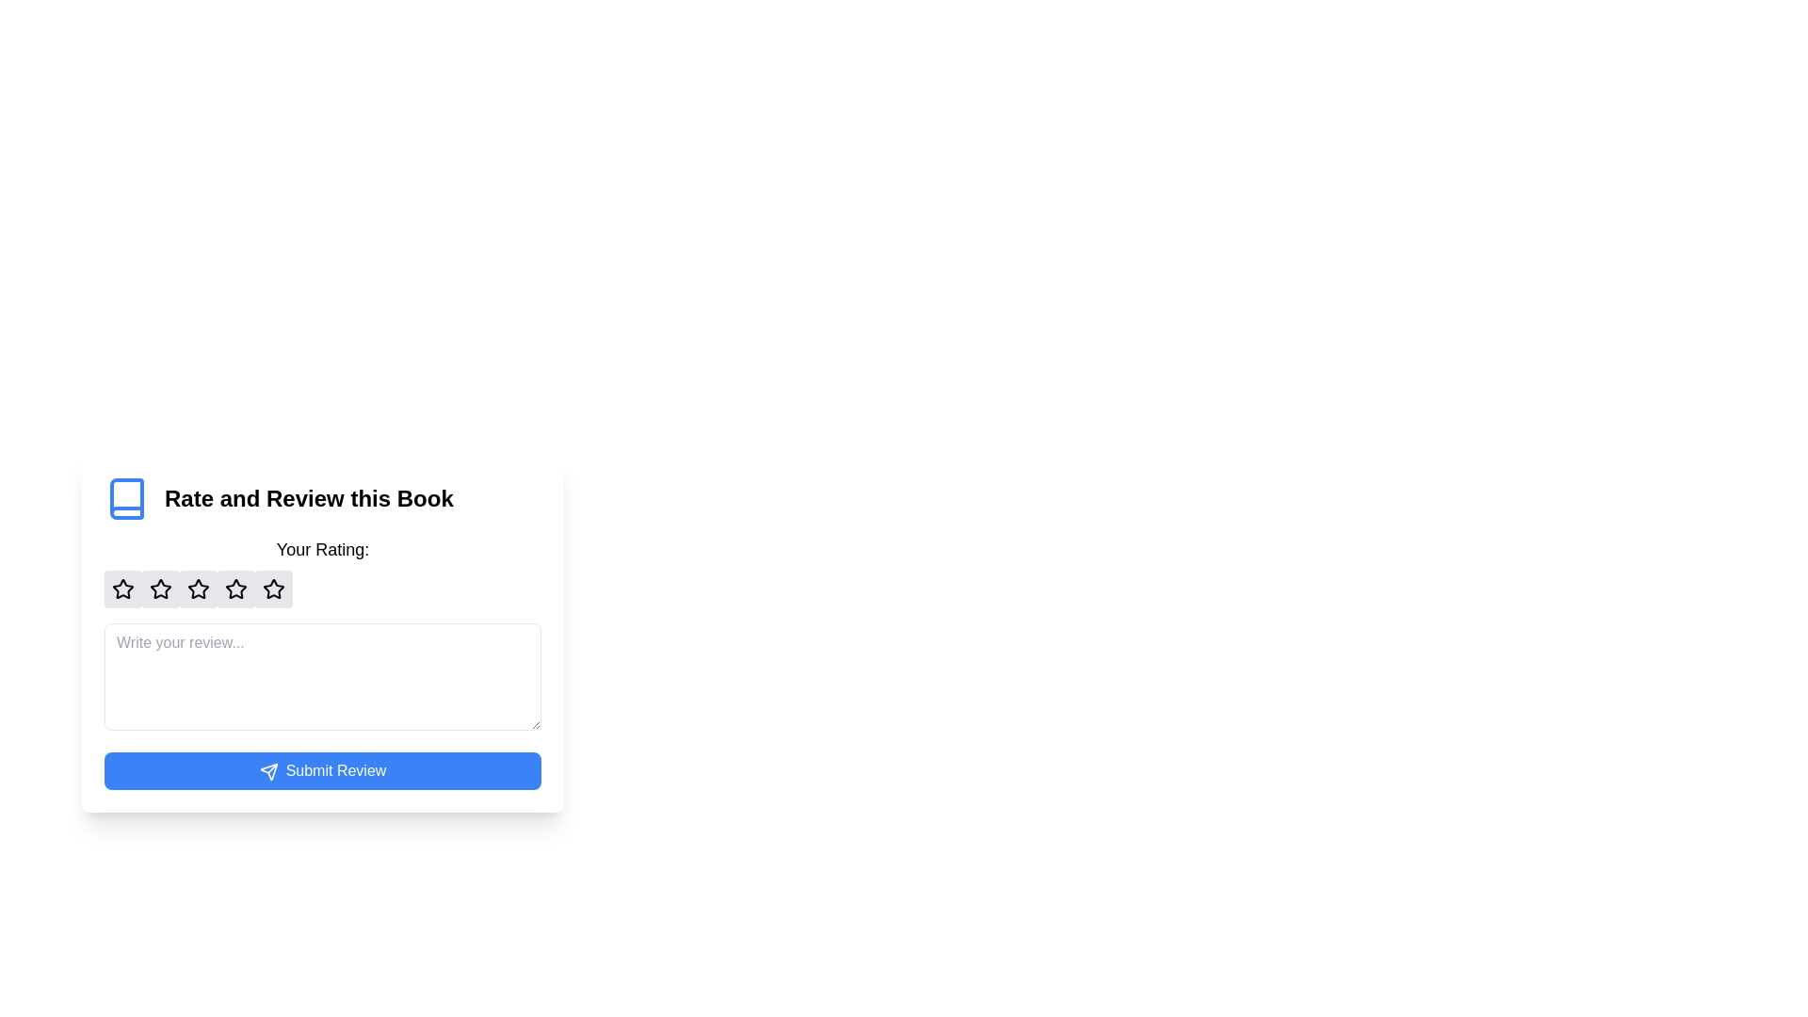 This screenshot has width=1808, height=1017. I want to click on the fifth star in the horizontal row of star rating buttons below the text 'Your Rating:' in the 'Rate and Review this Book' section to indicate a rating of 5 out of 5, so click(273, 588).